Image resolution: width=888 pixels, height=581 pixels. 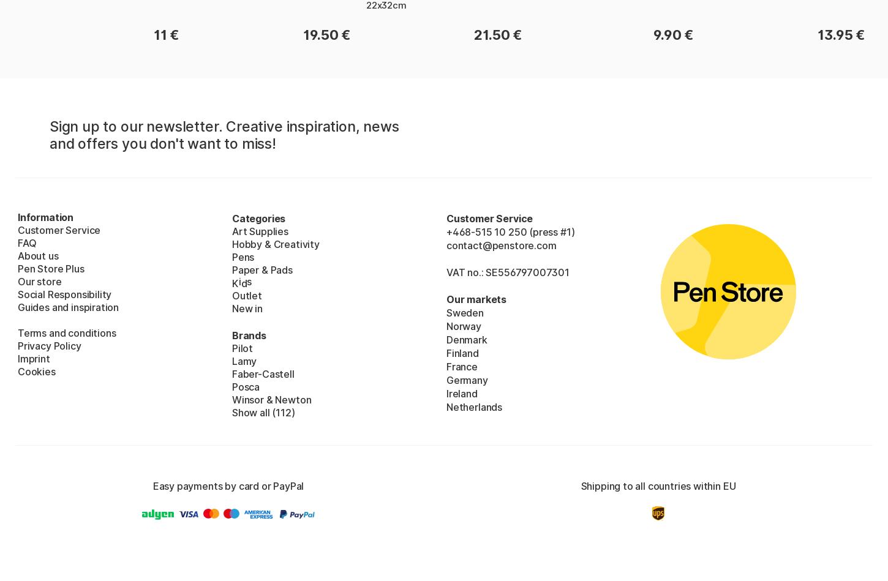 I want to click on 'Our markets', so click(x=476, y=298).